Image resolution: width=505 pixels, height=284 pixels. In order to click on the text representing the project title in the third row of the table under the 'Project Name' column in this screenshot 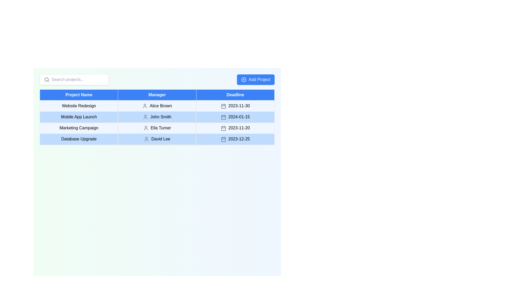, I will do `click(79, 128)`.